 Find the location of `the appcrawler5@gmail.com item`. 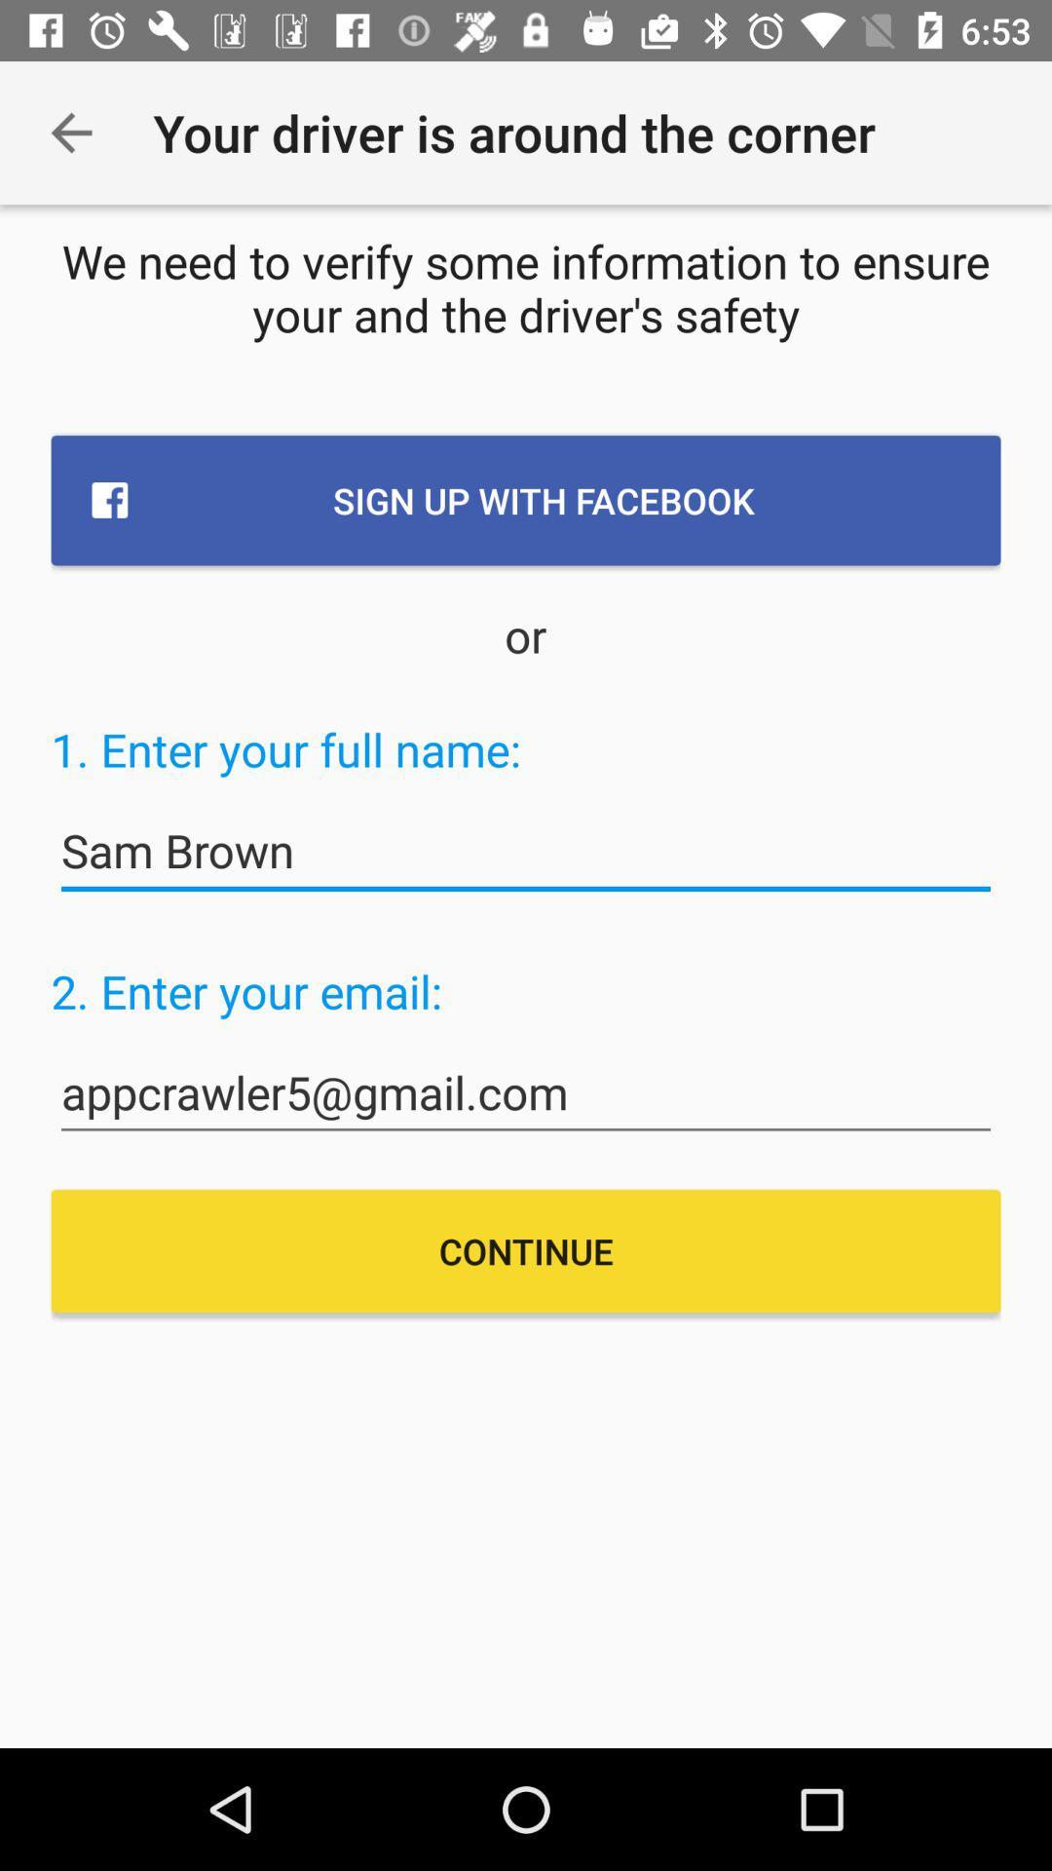

the appcrawler5@gmail.com item is located at coordinates (526, 1093).